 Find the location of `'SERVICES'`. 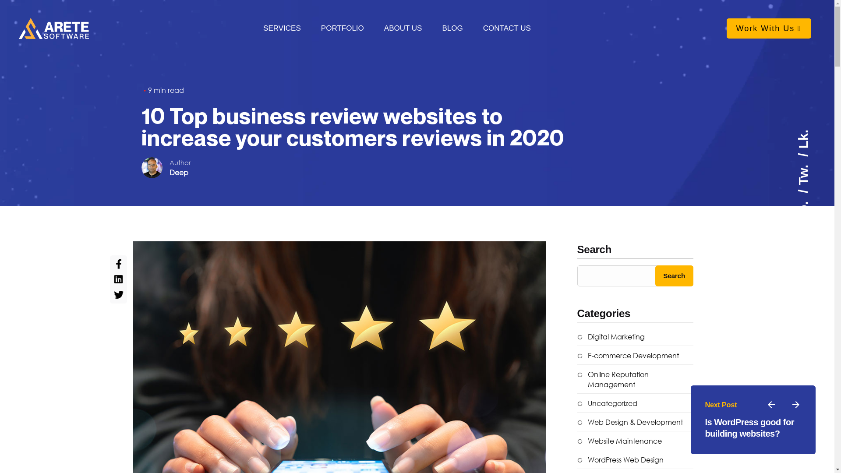

'SERVICES' is located at coordinates (282, 28).